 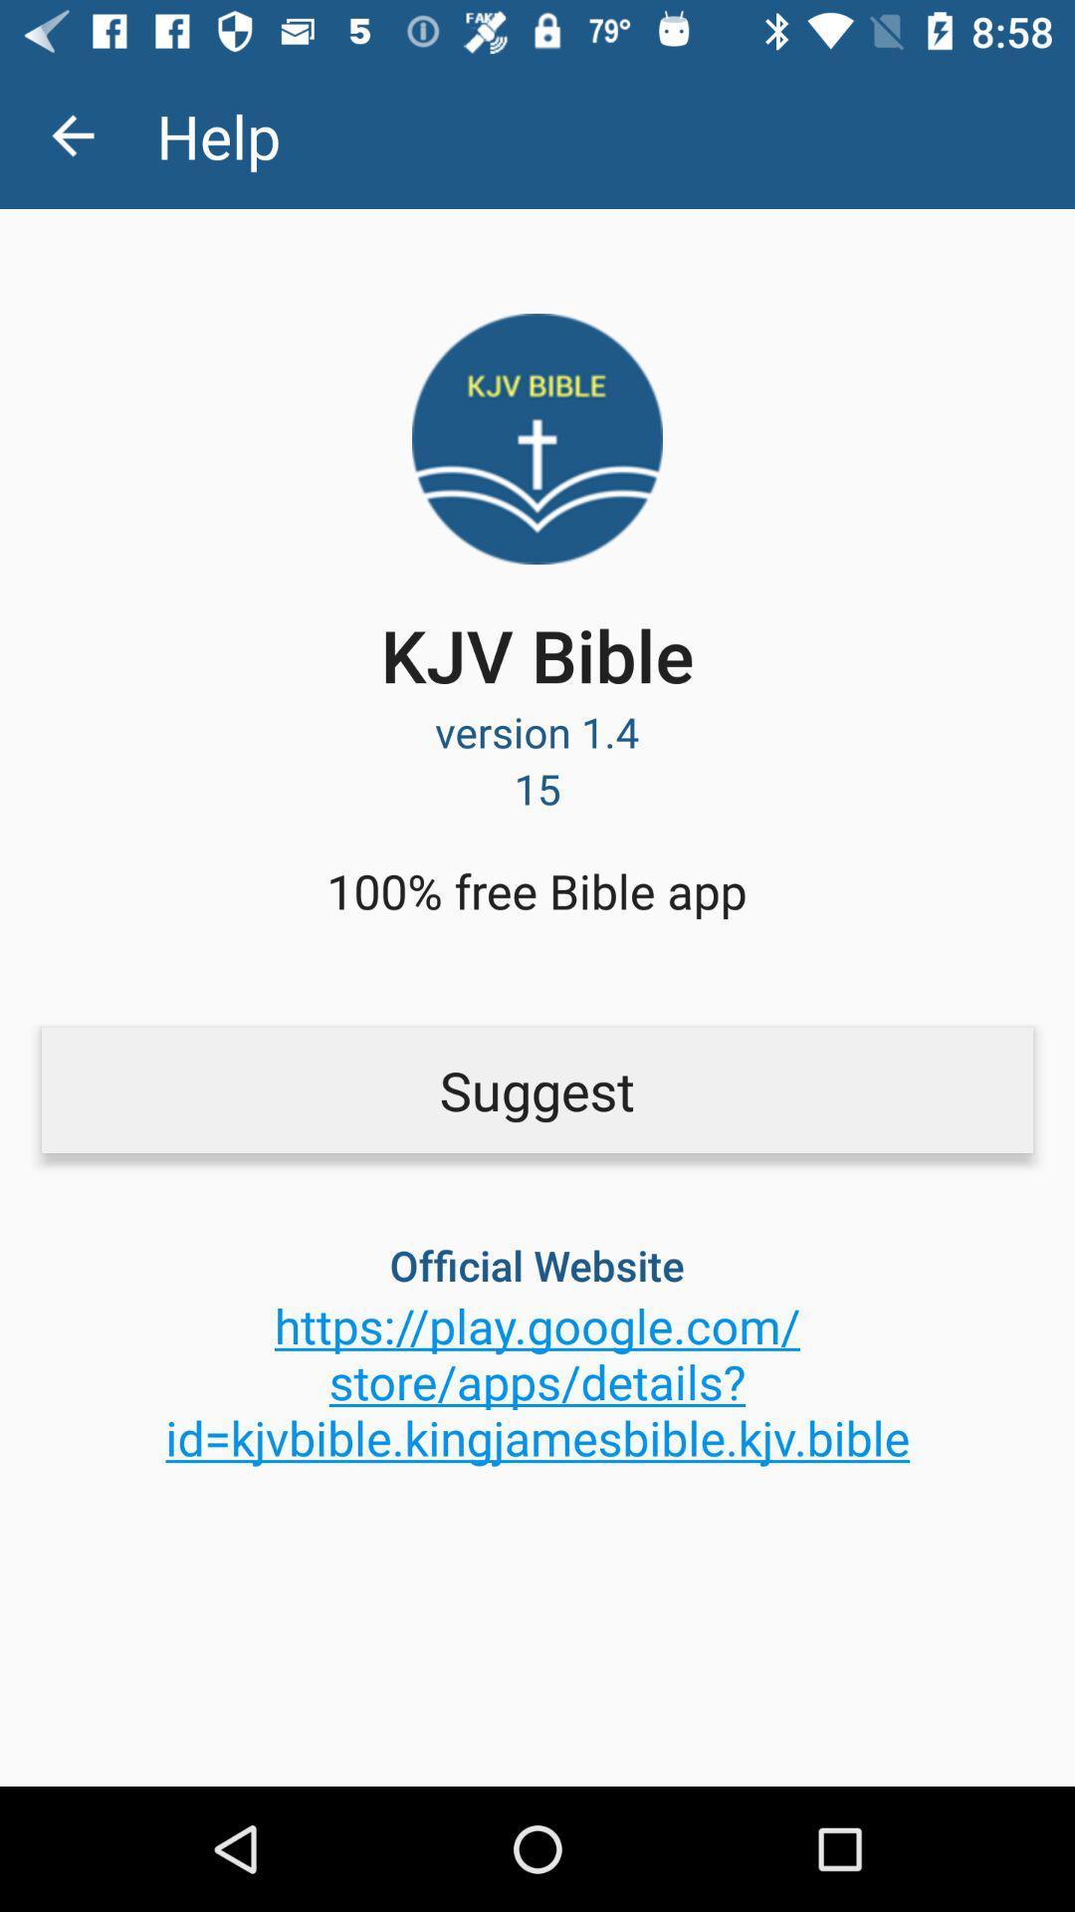 I want to click on the item above suggest, so click(x=536, y=889).